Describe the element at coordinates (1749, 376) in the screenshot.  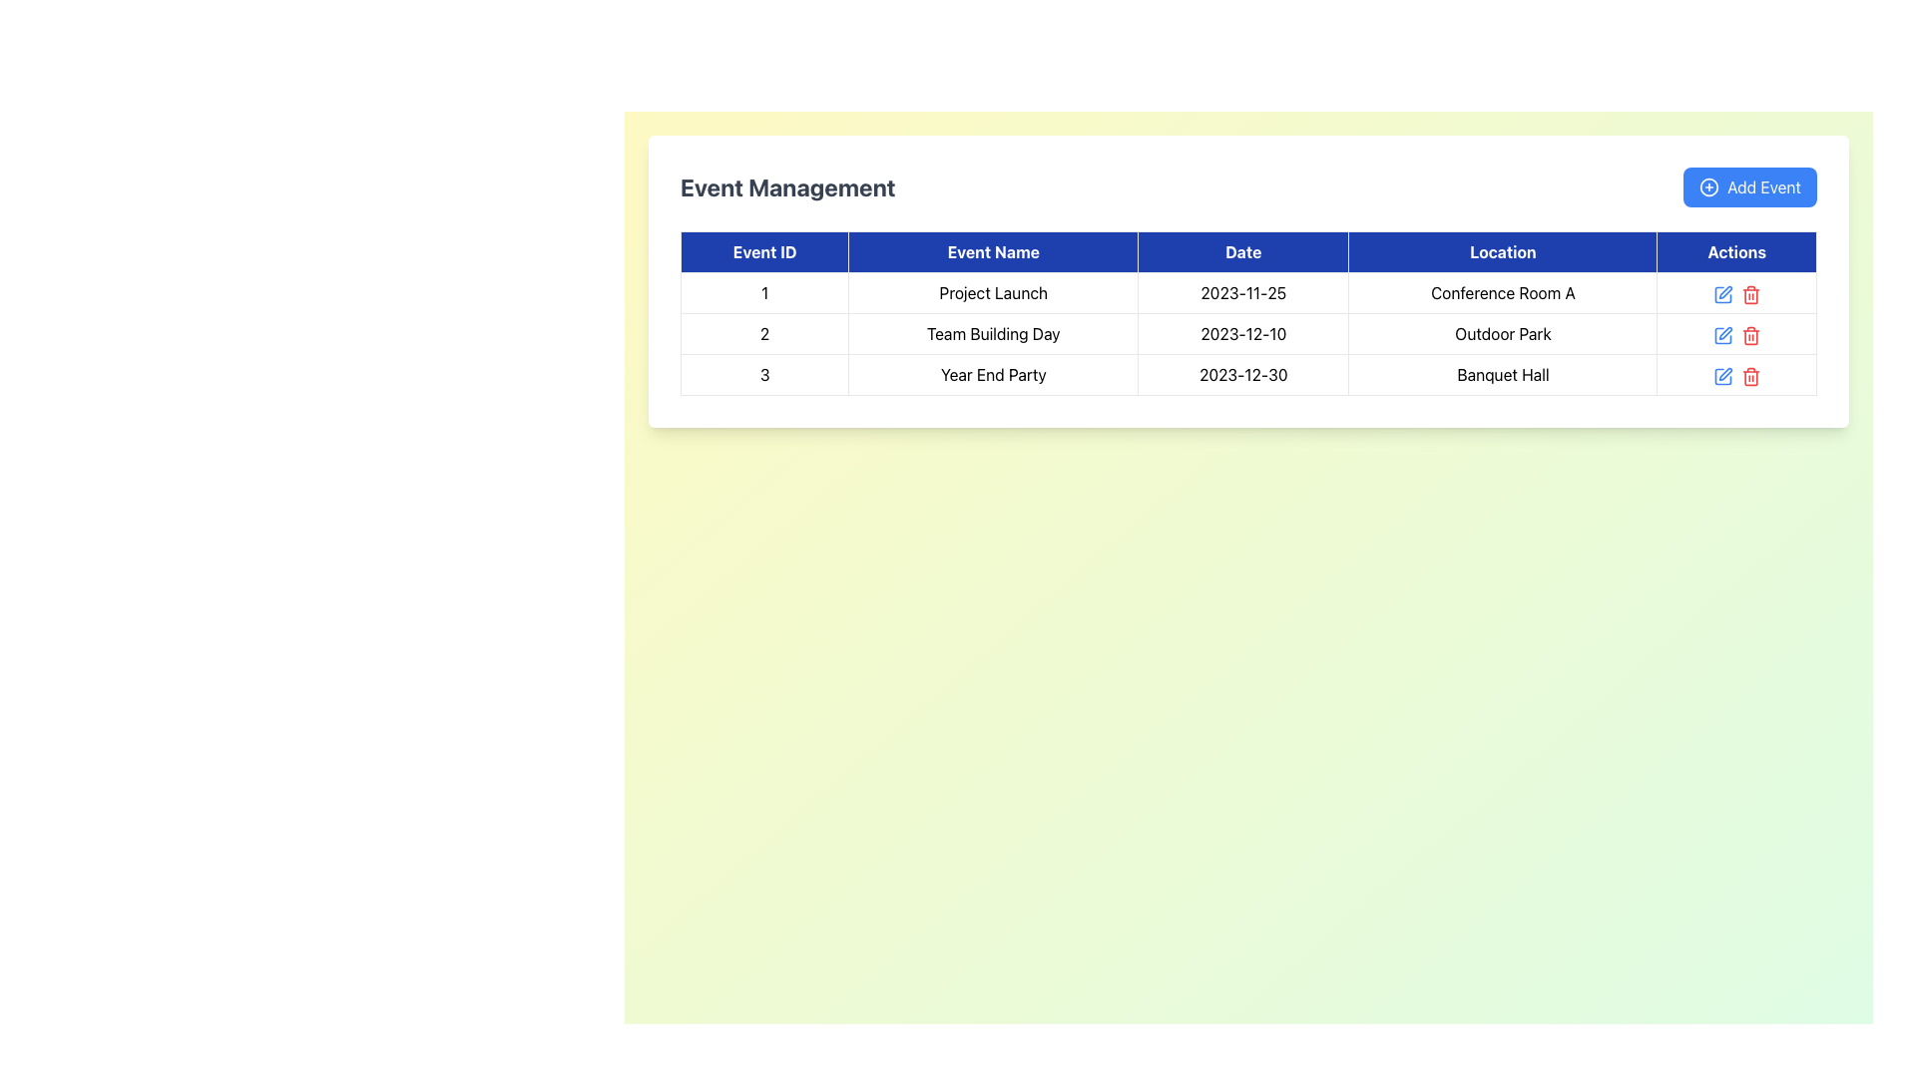
I see `the delete button located in the Actions column of the third row in the table` at that location.